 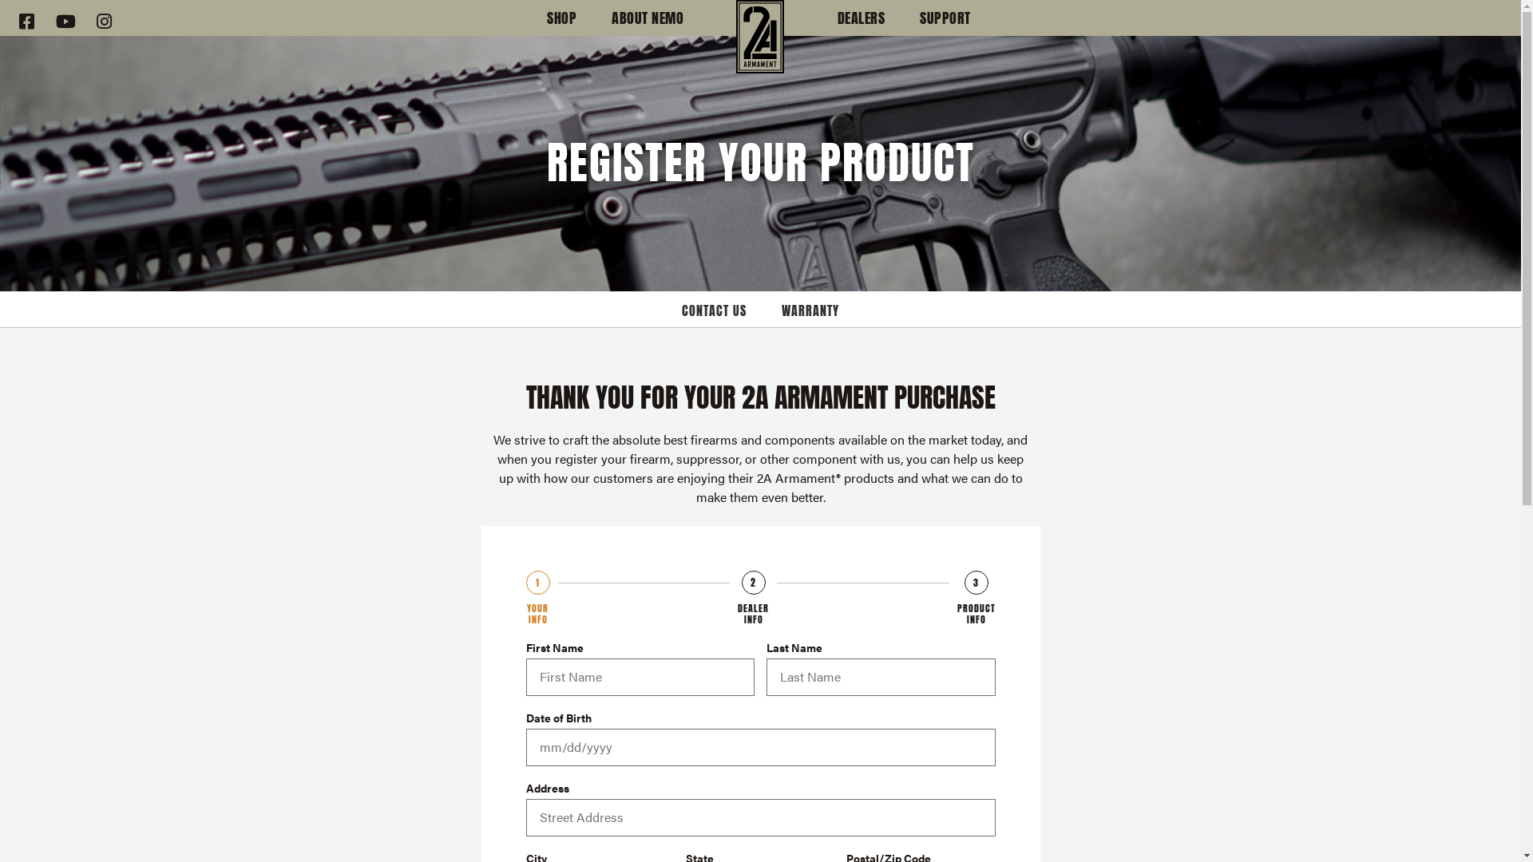 What do you see at coordinates (821, 18) in the screenshot?
I see `'DEALERS'` at bounding box center [821, 18].